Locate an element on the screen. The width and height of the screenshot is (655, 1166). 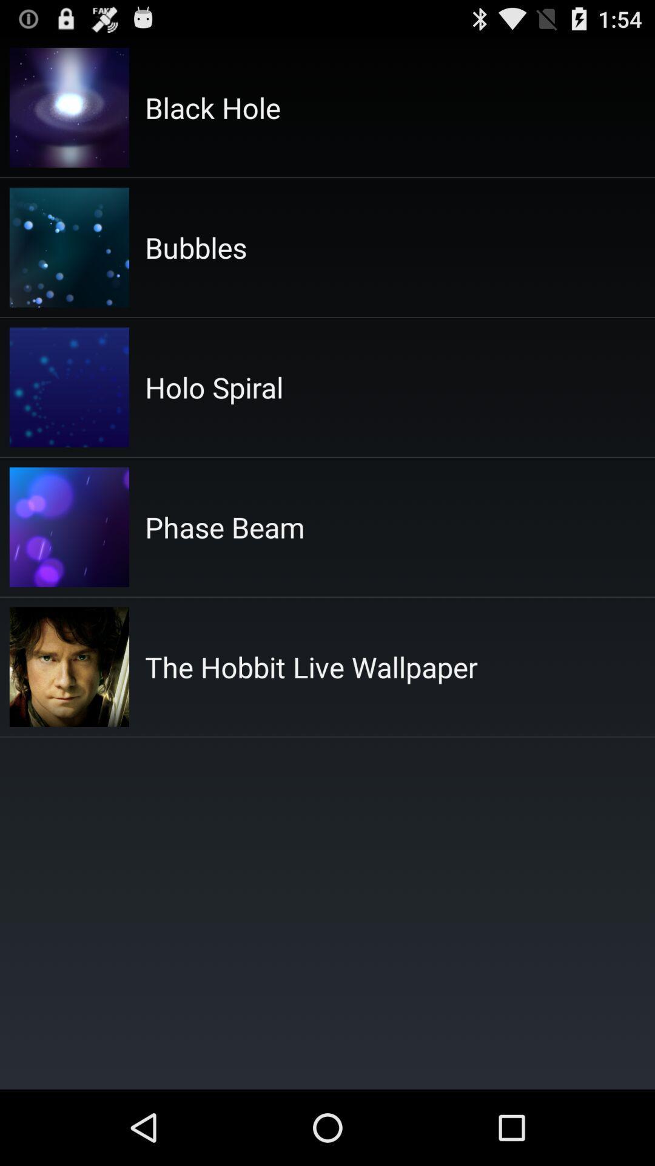
icon below the black hole is located at coordinates (195, 247).